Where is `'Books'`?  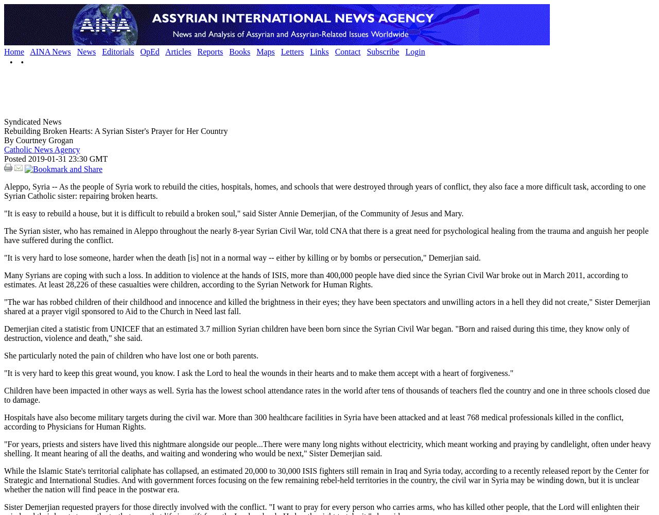 'Books' is located at coordinates (239, 51).